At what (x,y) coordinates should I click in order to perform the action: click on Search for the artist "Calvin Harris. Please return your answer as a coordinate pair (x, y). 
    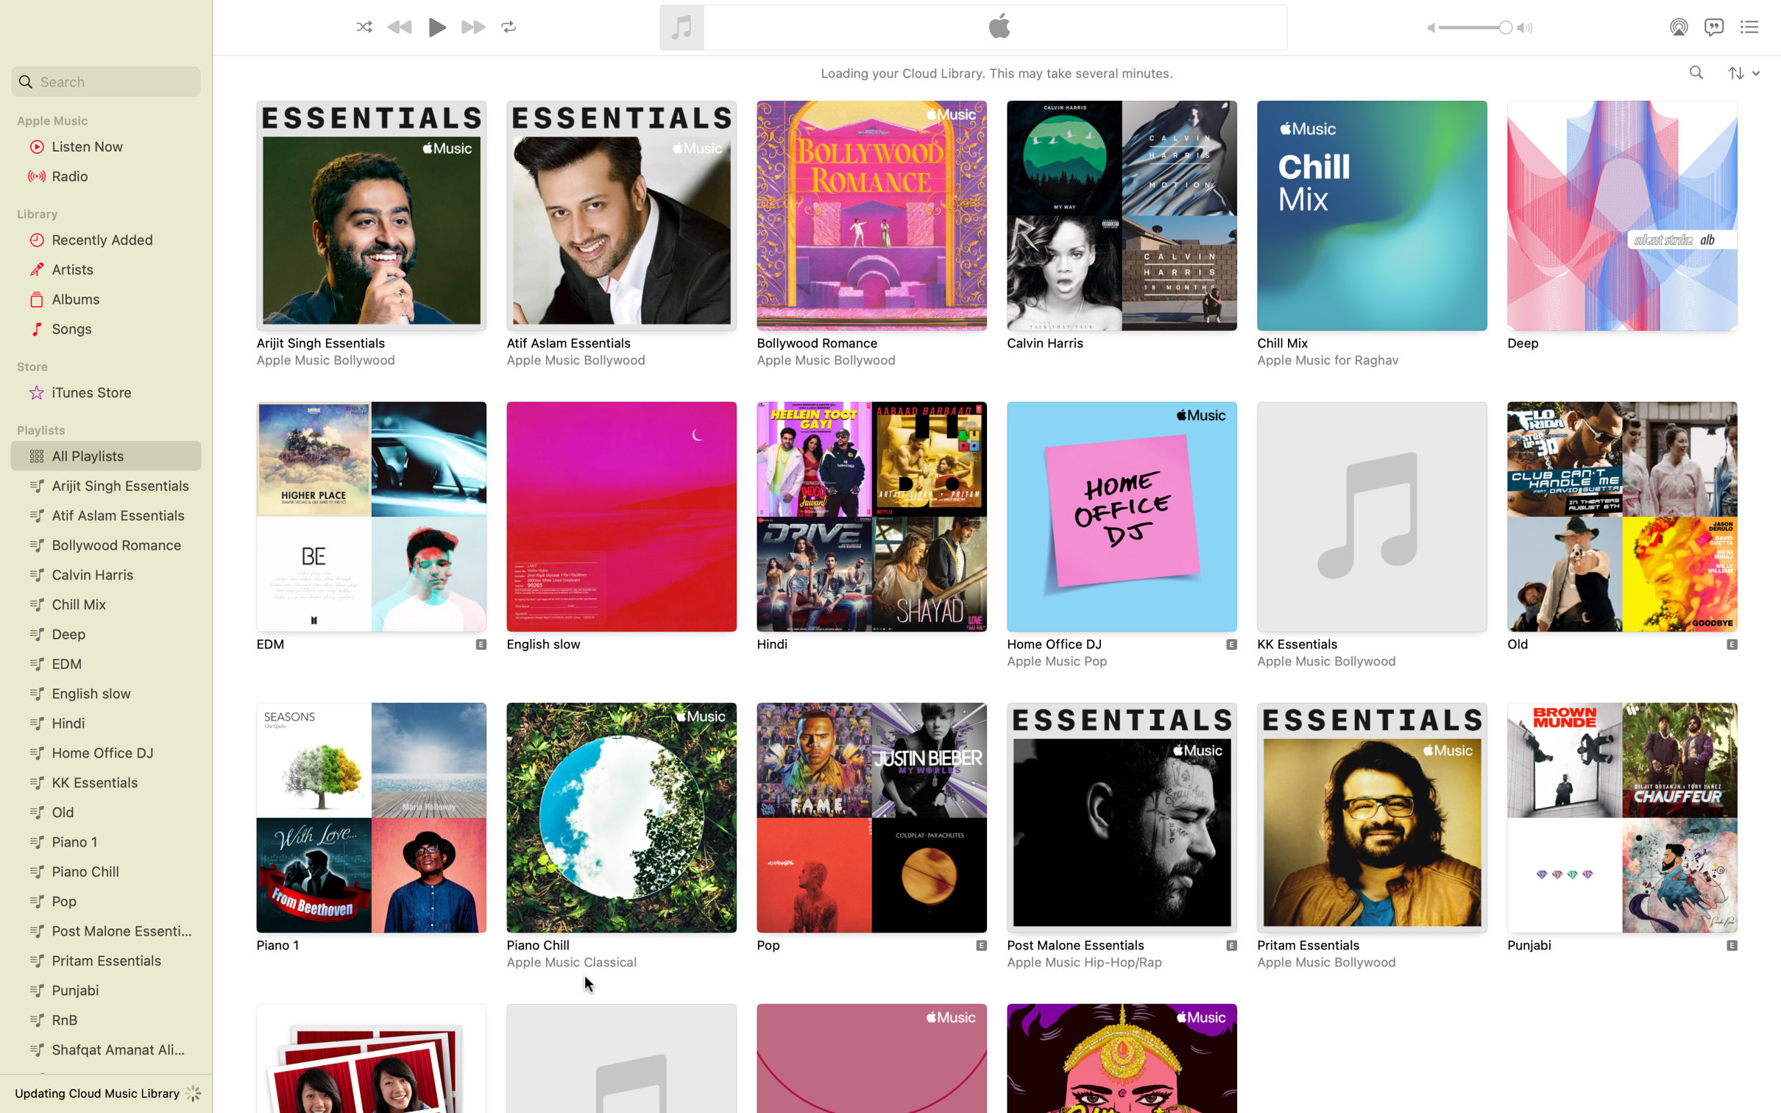
    Looking at the image, I should click on (1696, 73).